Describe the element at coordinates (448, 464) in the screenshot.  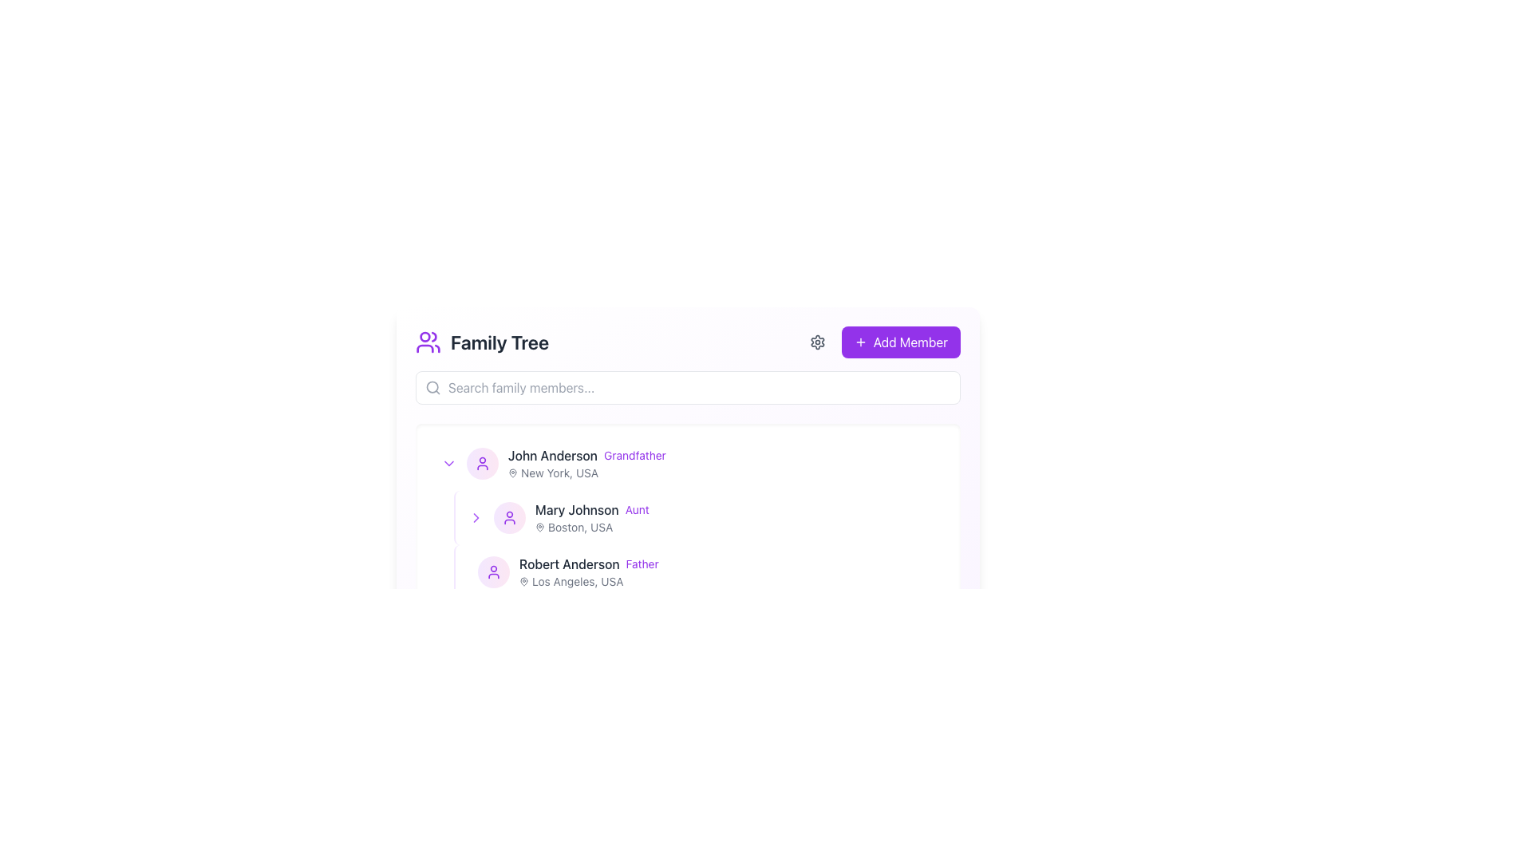
I see `the SVG icon located next to the name 'John Anderson' in the family tree list` at that location.